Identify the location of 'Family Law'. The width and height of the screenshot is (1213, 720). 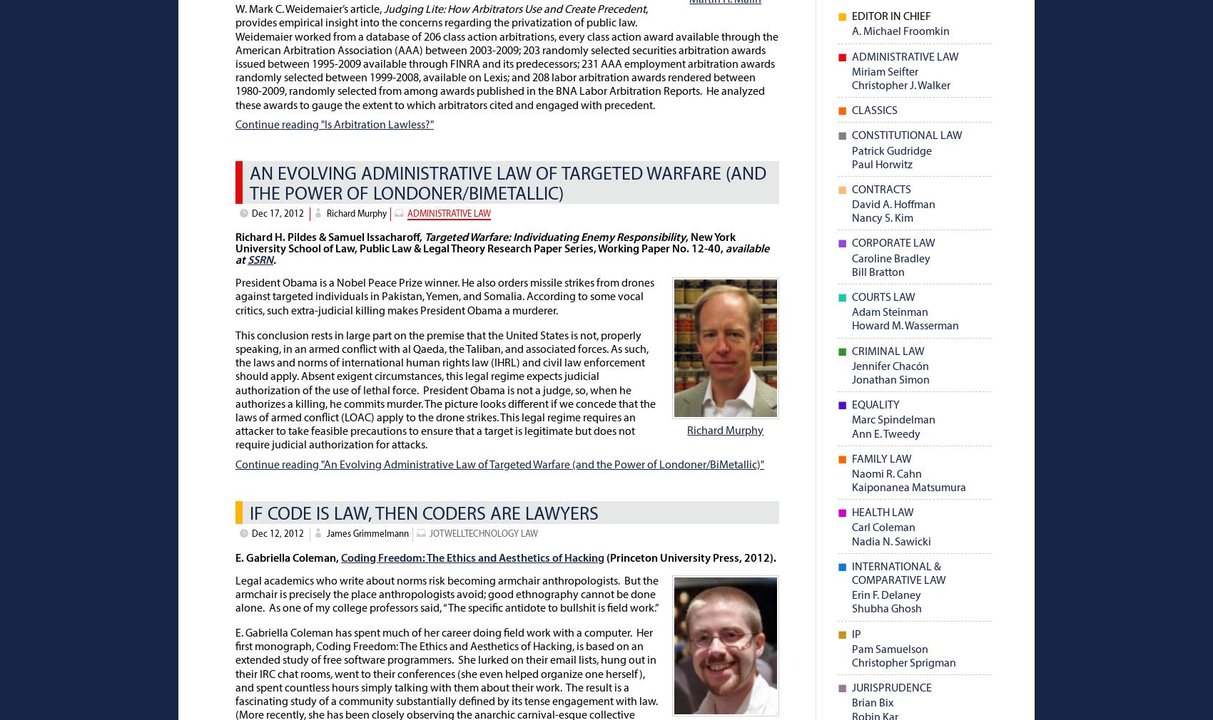
(881, 458).